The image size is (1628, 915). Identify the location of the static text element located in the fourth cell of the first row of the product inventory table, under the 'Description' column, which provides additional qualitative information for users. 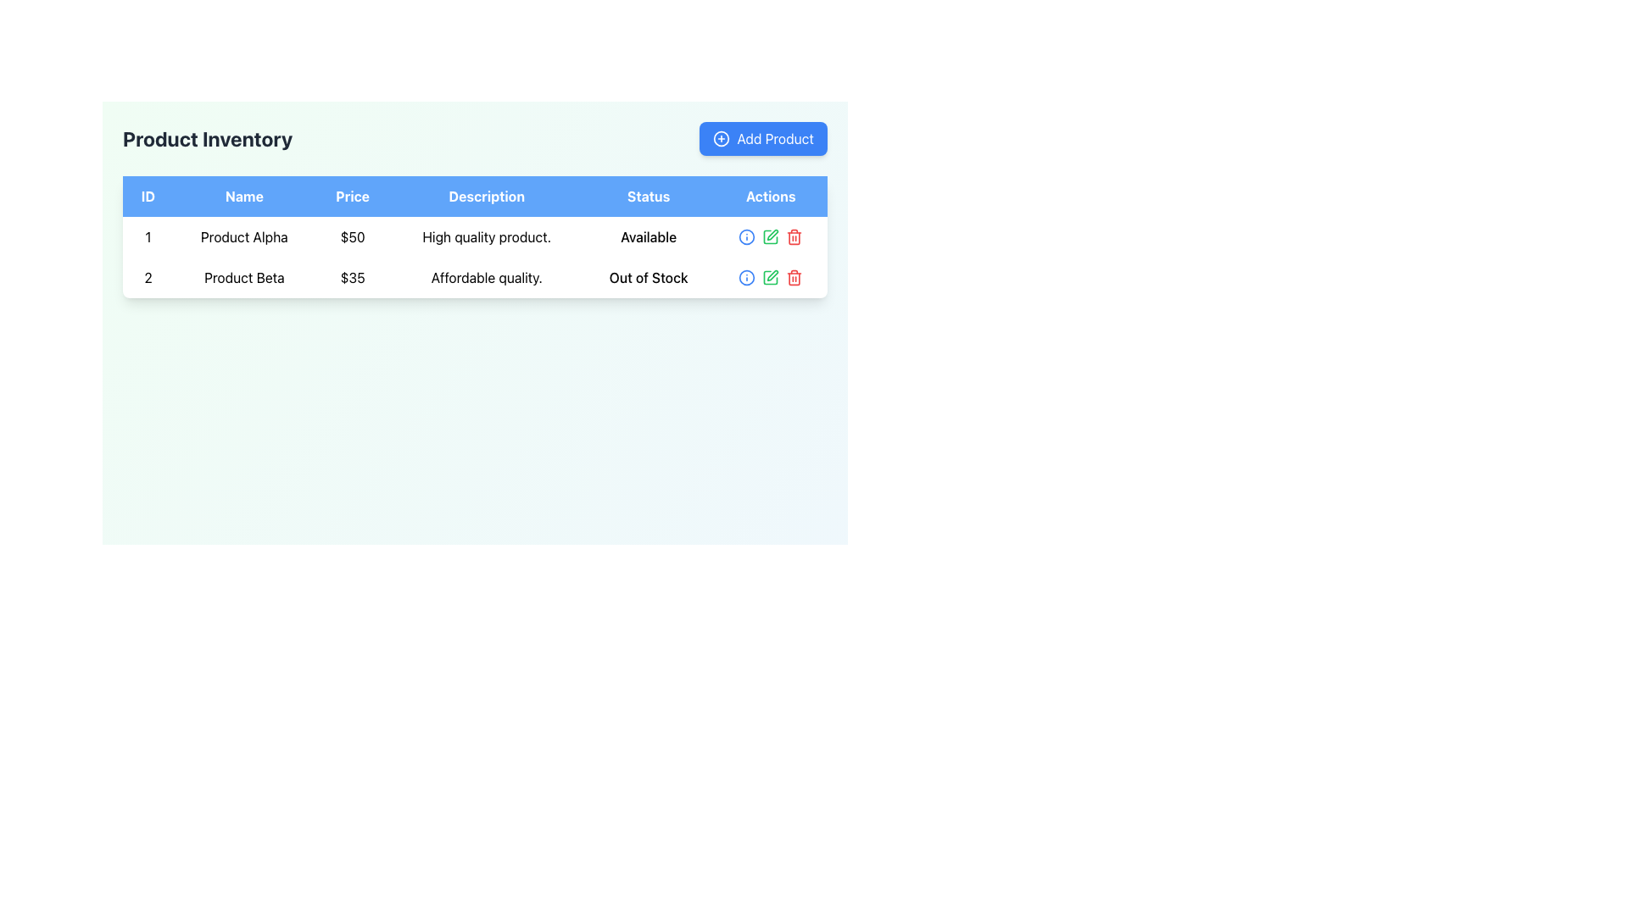
(486, 237).